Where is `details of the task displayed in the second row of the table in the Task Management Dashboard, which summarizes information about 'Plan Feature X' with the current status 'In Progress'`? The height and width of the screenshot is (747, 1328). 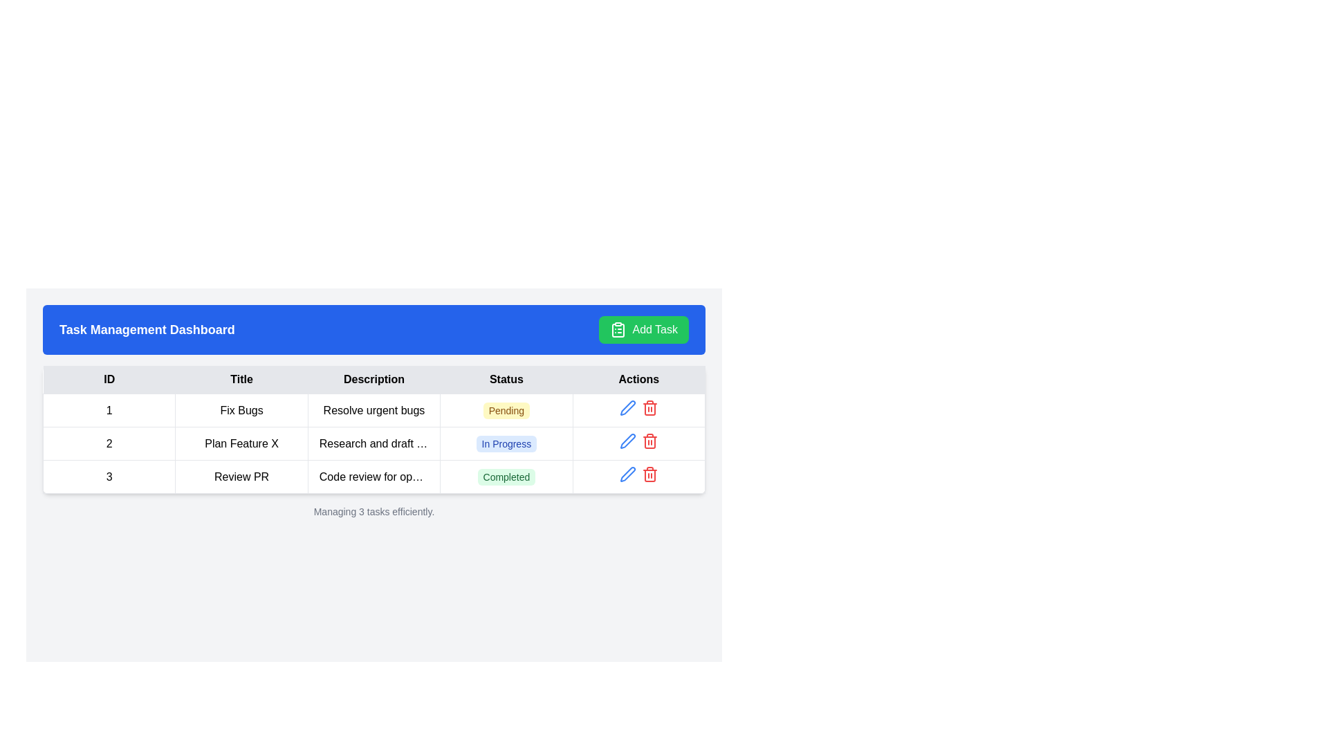
details of the task displayed in the second row of the table in the Task Management Dashboard, which summarizes information about 'Plan Feature X' with the current status 'In Progress' is located at coordinates (374, 443).